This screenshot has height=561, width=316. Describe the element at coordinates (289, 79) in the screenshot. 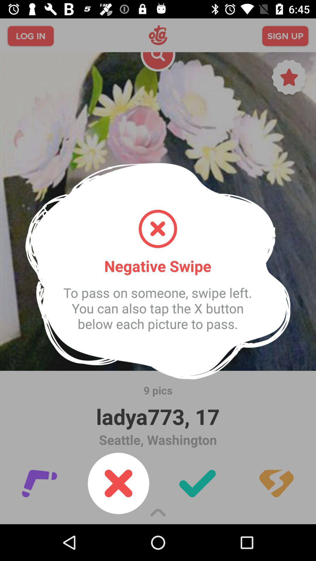

I see `the star icon` at that location.